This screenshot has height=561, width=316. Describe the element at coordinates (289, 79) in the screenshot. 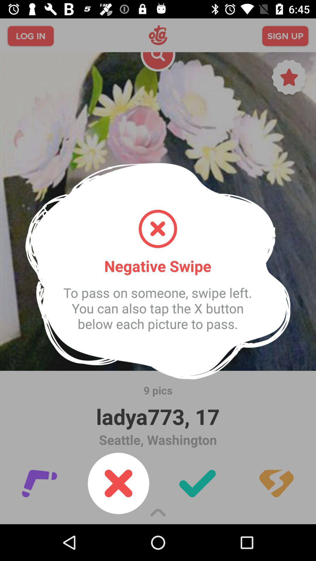

I see `the star icon` at that location.